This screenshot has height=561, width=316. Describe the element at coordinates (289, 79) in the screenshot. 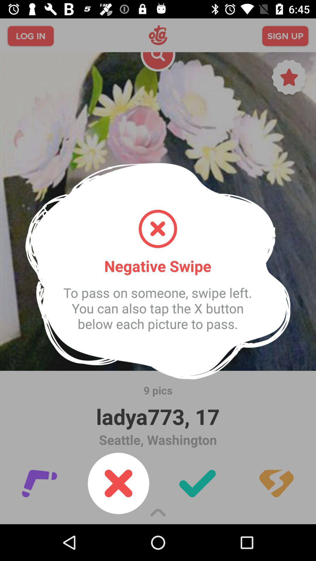

I see `the star icon` at that location.